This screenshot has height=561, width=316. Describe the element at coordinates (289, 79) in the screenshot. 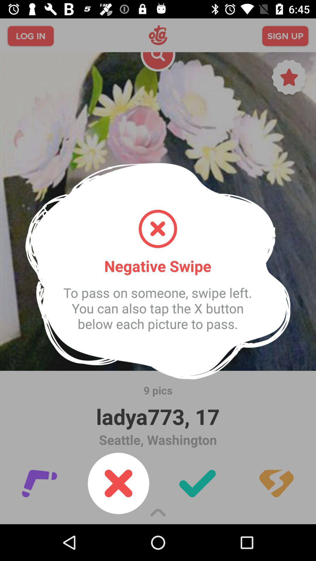

I see `the star icon` at that location.